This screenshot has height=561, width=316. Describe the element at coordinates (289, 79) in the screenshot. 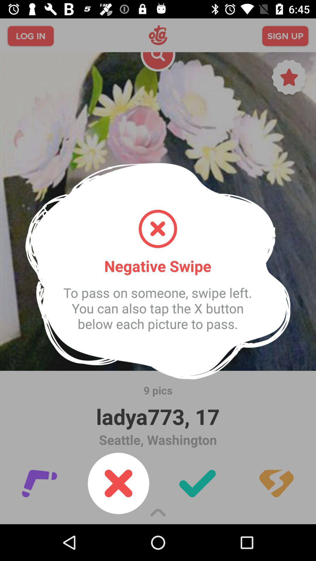

I see `the star icon` at that location.